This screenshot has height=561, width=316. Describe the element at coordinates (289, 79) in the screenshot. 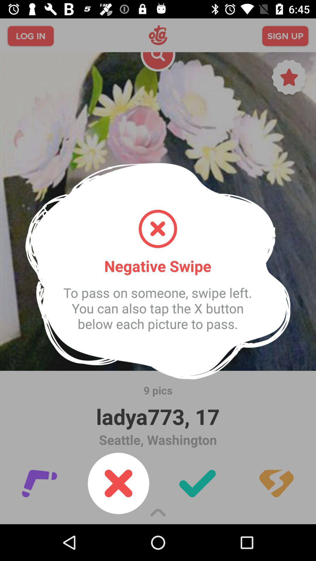

I see `the star icon` at that location.